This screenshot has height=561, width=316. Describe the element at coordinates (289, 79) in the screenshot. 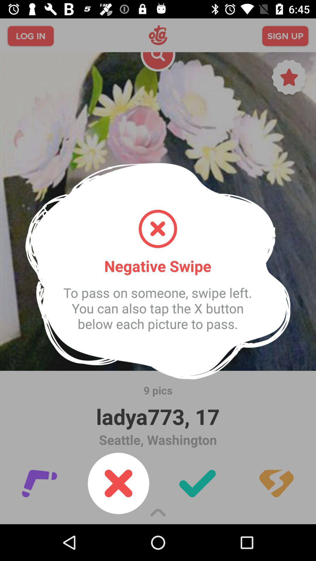

I see `the star icon` at that location.